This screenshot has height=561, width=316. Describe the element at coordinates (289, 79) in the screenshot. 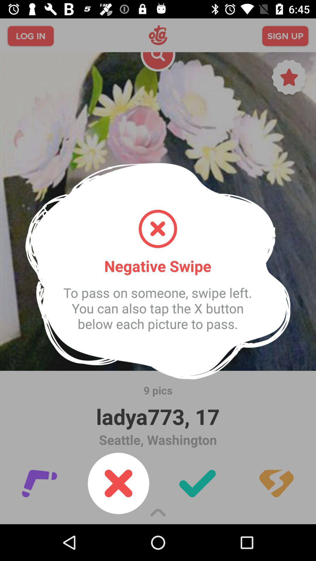

I see `the star icon` at that location.